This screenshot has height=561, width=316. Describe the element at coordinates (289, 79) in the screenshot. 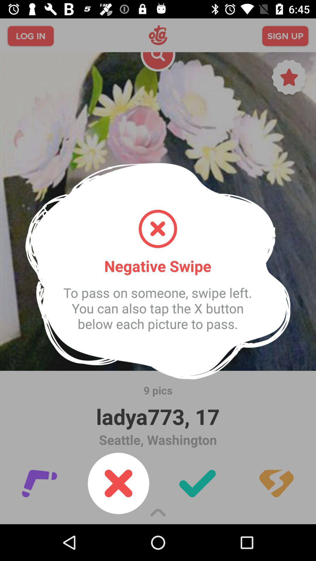

I see `the star icon` at that location.